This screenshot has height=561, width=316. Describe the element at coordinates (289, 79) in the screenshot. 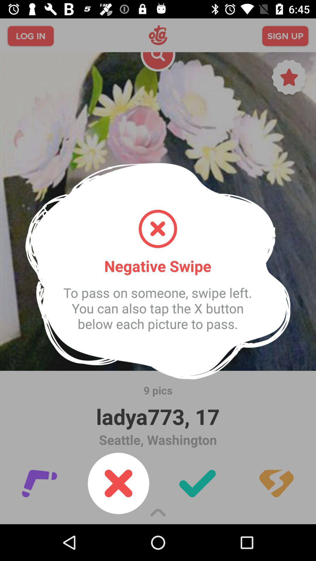

I see `the star icon` at that location.